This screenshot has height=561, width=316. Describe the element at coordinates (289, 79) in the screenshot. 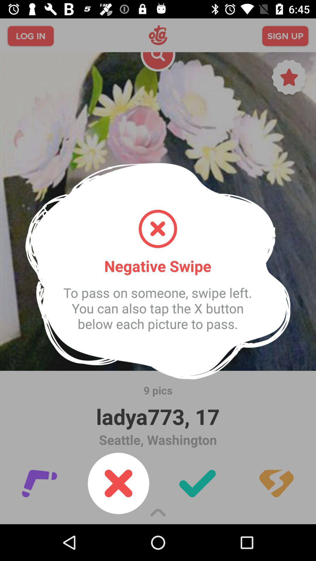

I see `the star icon` at that location.